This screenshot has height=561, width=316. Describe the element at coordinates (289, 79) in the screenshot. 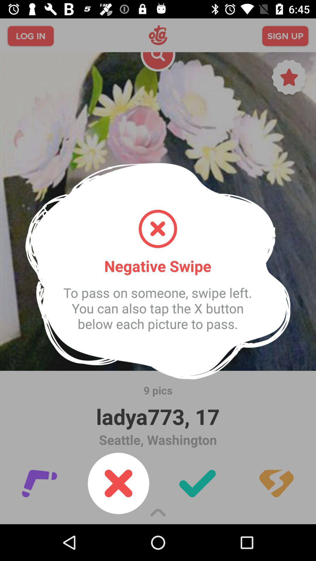

I see `the star icon` at that location.